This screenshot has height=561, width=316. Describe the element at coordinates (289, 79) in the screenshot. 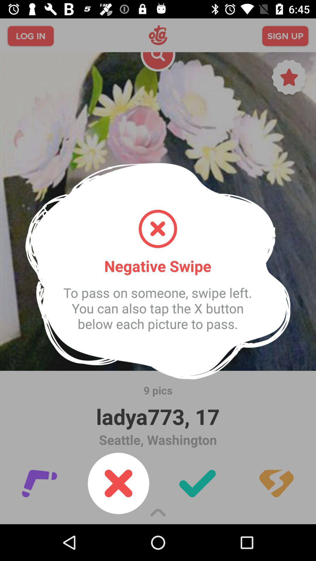

I see `the star icon` at that location.